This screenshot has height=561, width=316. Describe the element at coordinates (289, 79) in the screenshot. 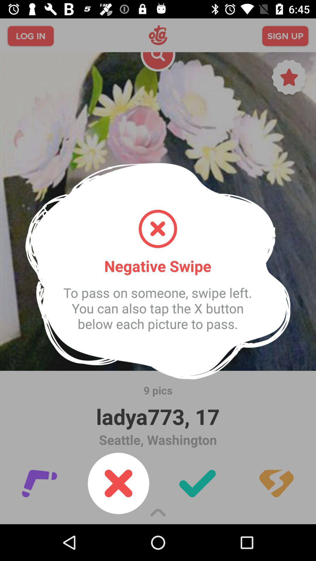

I see `the star icon` at that location.